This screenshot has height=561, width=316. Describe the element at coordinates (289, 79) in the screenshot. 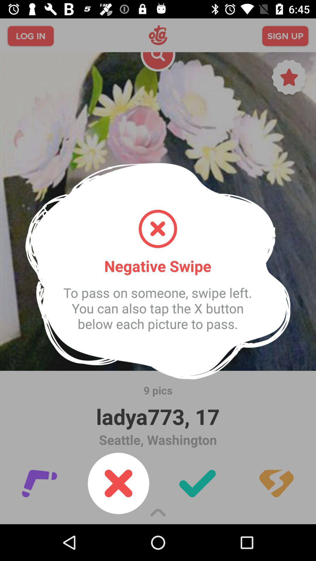

I see `the star icon` at that location.